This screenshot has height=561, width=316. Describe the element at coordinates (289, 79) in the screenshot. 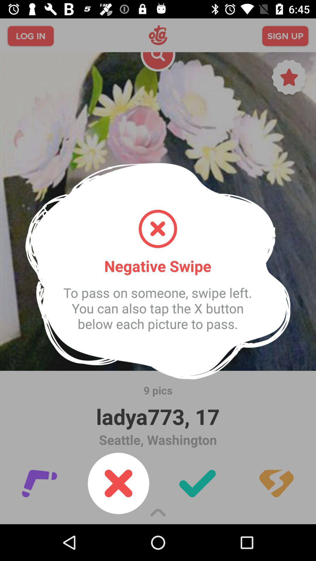

I see `the star icon` at that location.